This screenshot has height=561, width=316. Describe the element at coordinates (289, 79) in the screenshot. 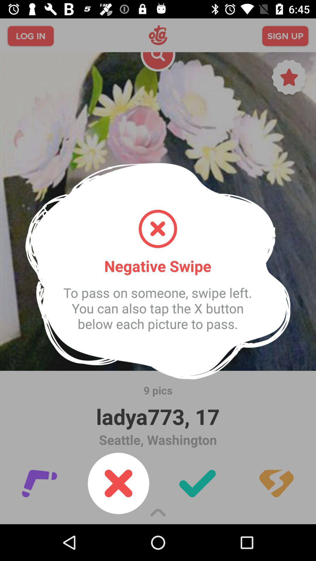

I see `the star icon` at that location.